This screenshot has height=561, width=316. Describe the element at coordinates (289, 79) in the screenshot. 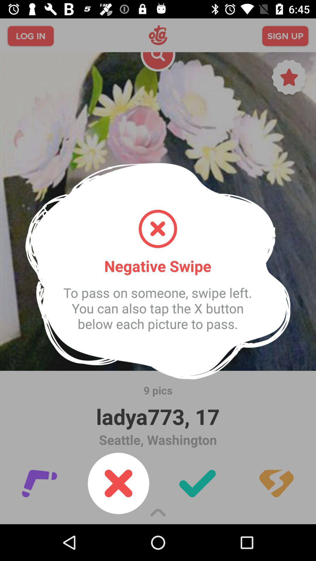

I see `the star icon` at that location.